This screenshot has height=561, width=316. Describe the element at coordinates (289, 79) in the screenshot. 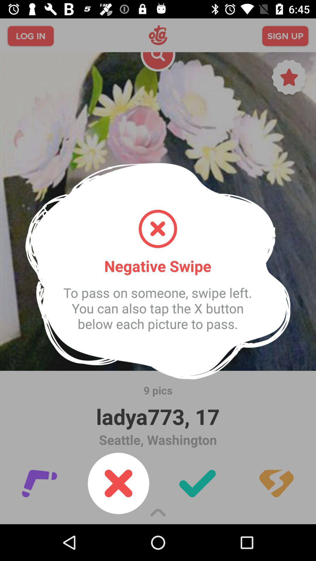

I see `the star icon` at that location.